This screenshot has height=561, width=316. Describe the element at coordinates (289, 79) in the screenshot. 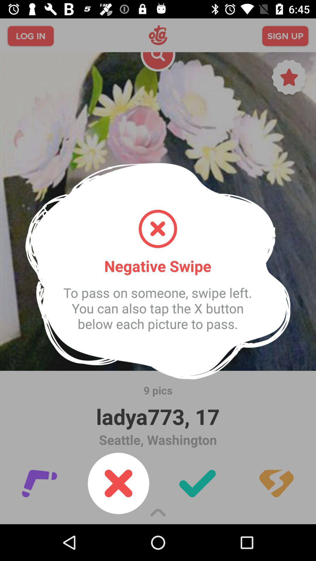

I see `the star icon` at that location.